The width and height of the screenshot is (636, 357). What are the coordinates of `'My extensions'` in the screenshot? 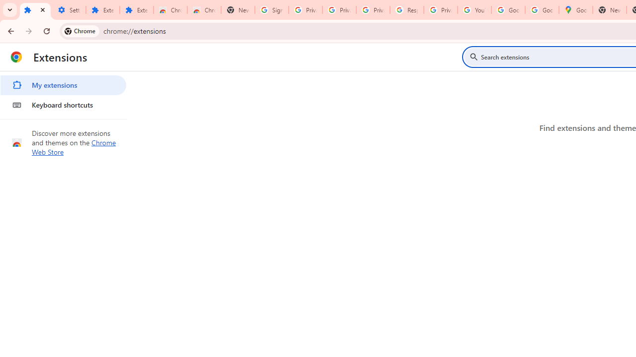 It's located at (63, 85).